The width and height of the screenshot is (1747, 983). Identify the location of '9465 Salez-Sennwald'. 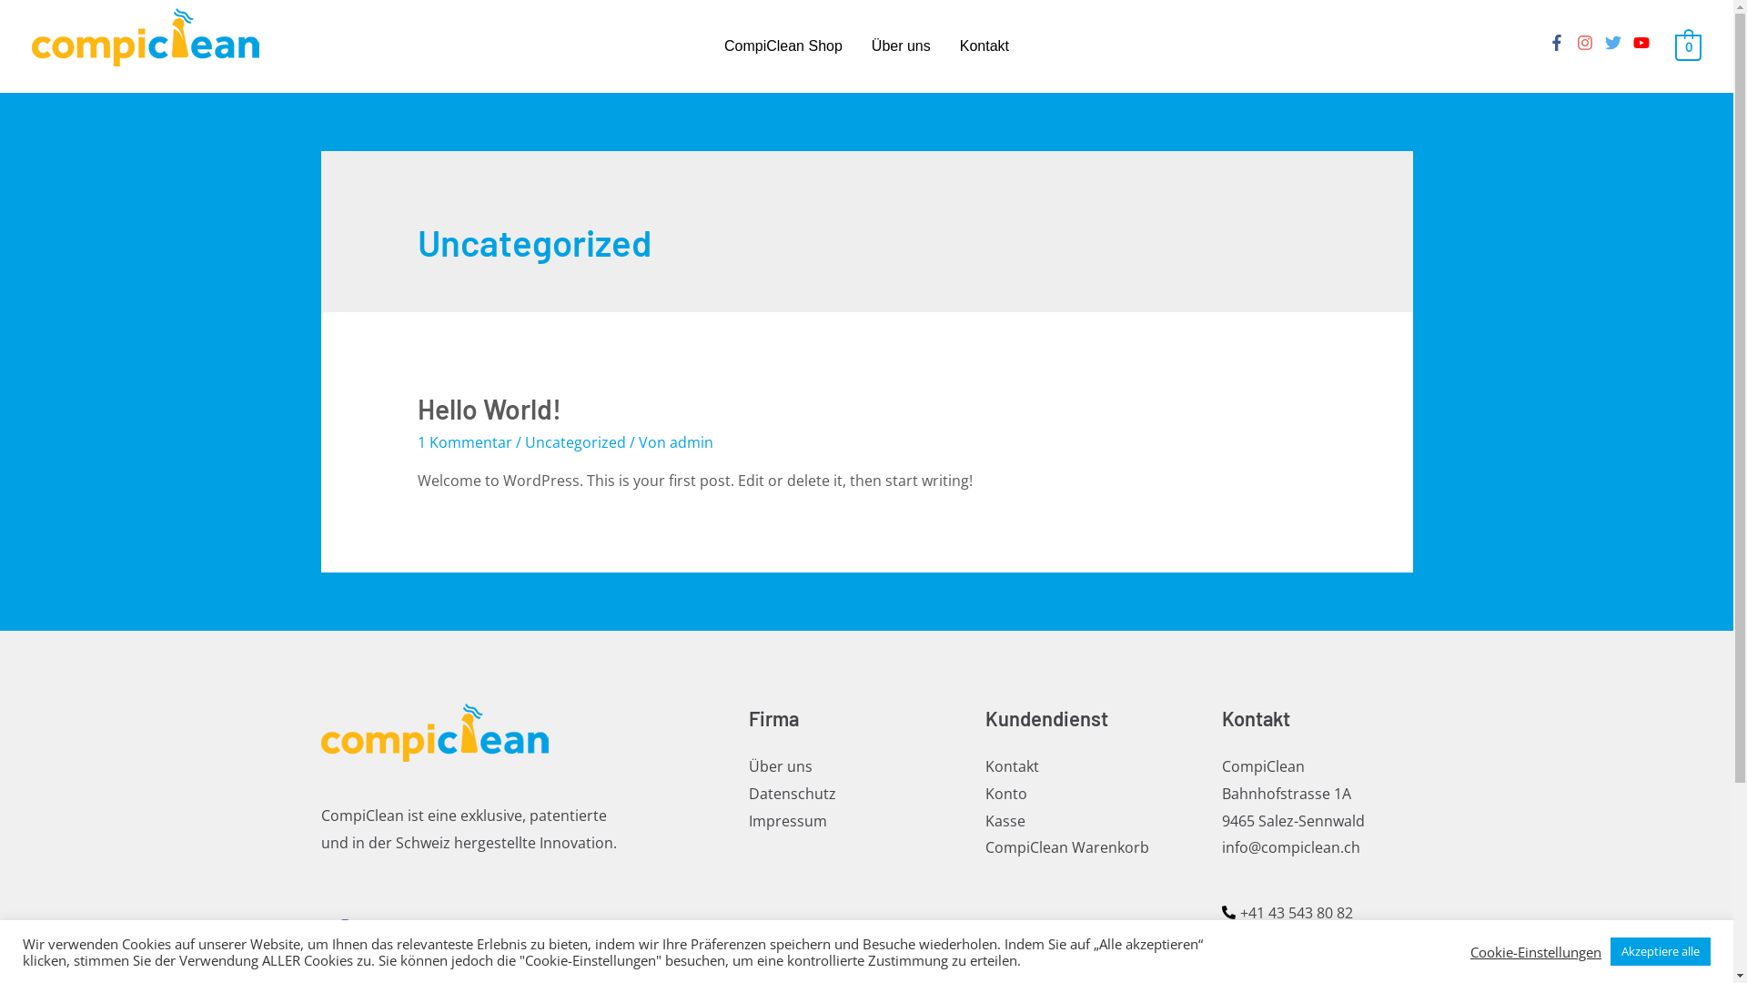
(1291, 820).